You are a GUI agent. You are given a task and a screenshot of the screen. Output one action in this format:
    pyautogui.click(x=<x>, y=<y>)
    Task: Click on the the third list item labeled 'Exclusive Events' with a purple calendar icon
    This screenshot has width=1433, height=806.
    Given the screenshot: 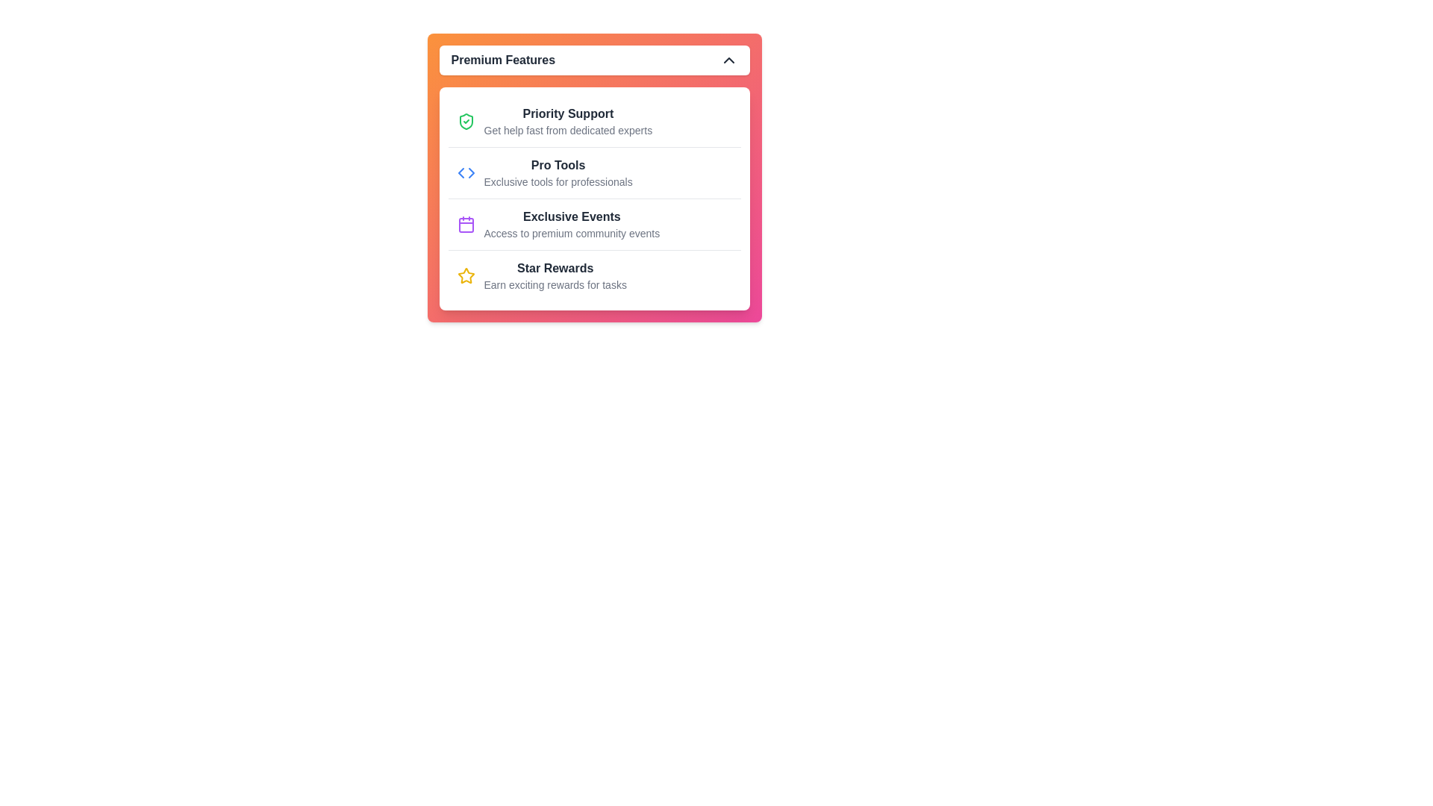 What is the action you would take?
    pyautogui.click(x=593, y=224)
    